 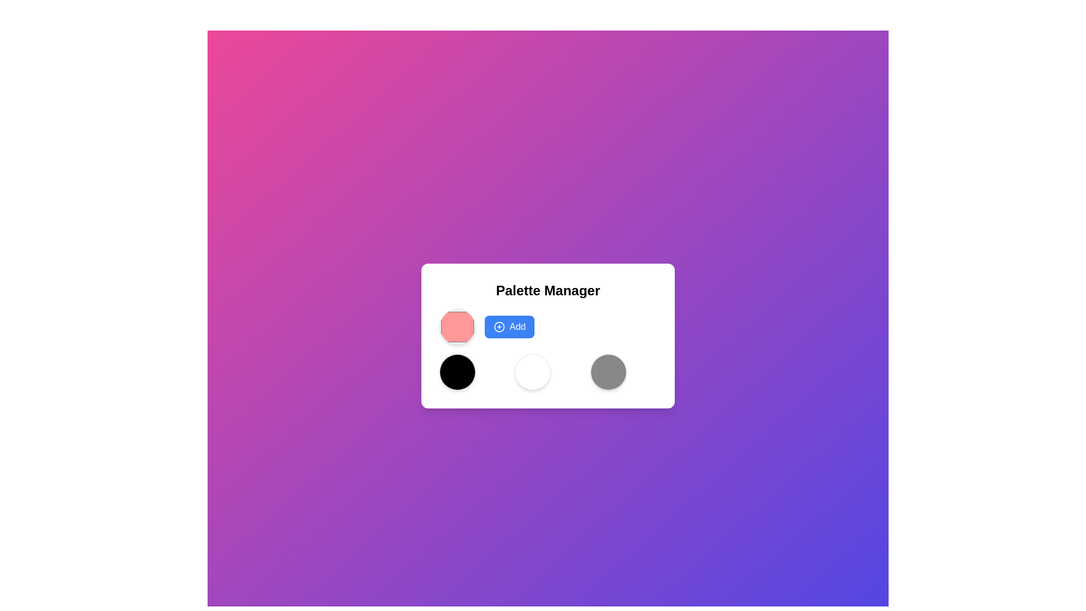 I want to click on the first circular color selection item in the grid layout, which is styled in black, so click(x=458, y=372).